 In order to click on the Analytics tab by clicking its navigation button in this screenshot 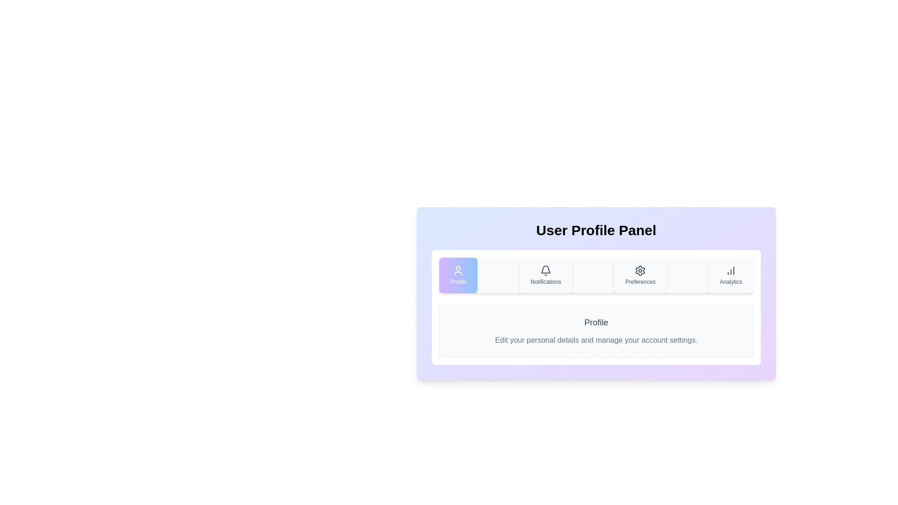, I will do `click(730, 275)`.